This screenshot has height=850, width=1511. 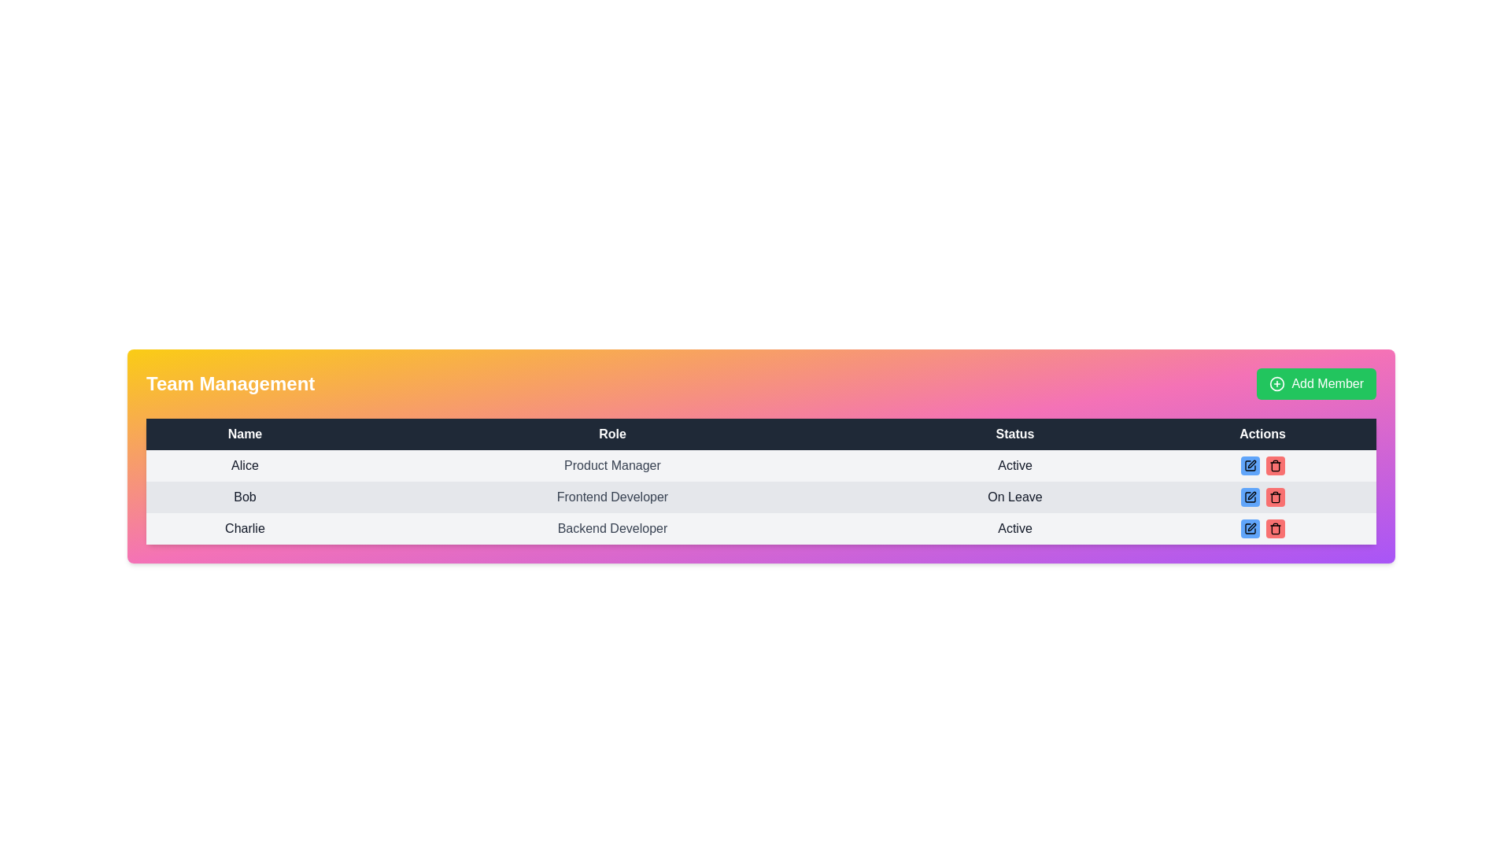 I want to click on the pen icon in the 'Actions' column, located in the second row of the table, so click(x=1251, y=527).